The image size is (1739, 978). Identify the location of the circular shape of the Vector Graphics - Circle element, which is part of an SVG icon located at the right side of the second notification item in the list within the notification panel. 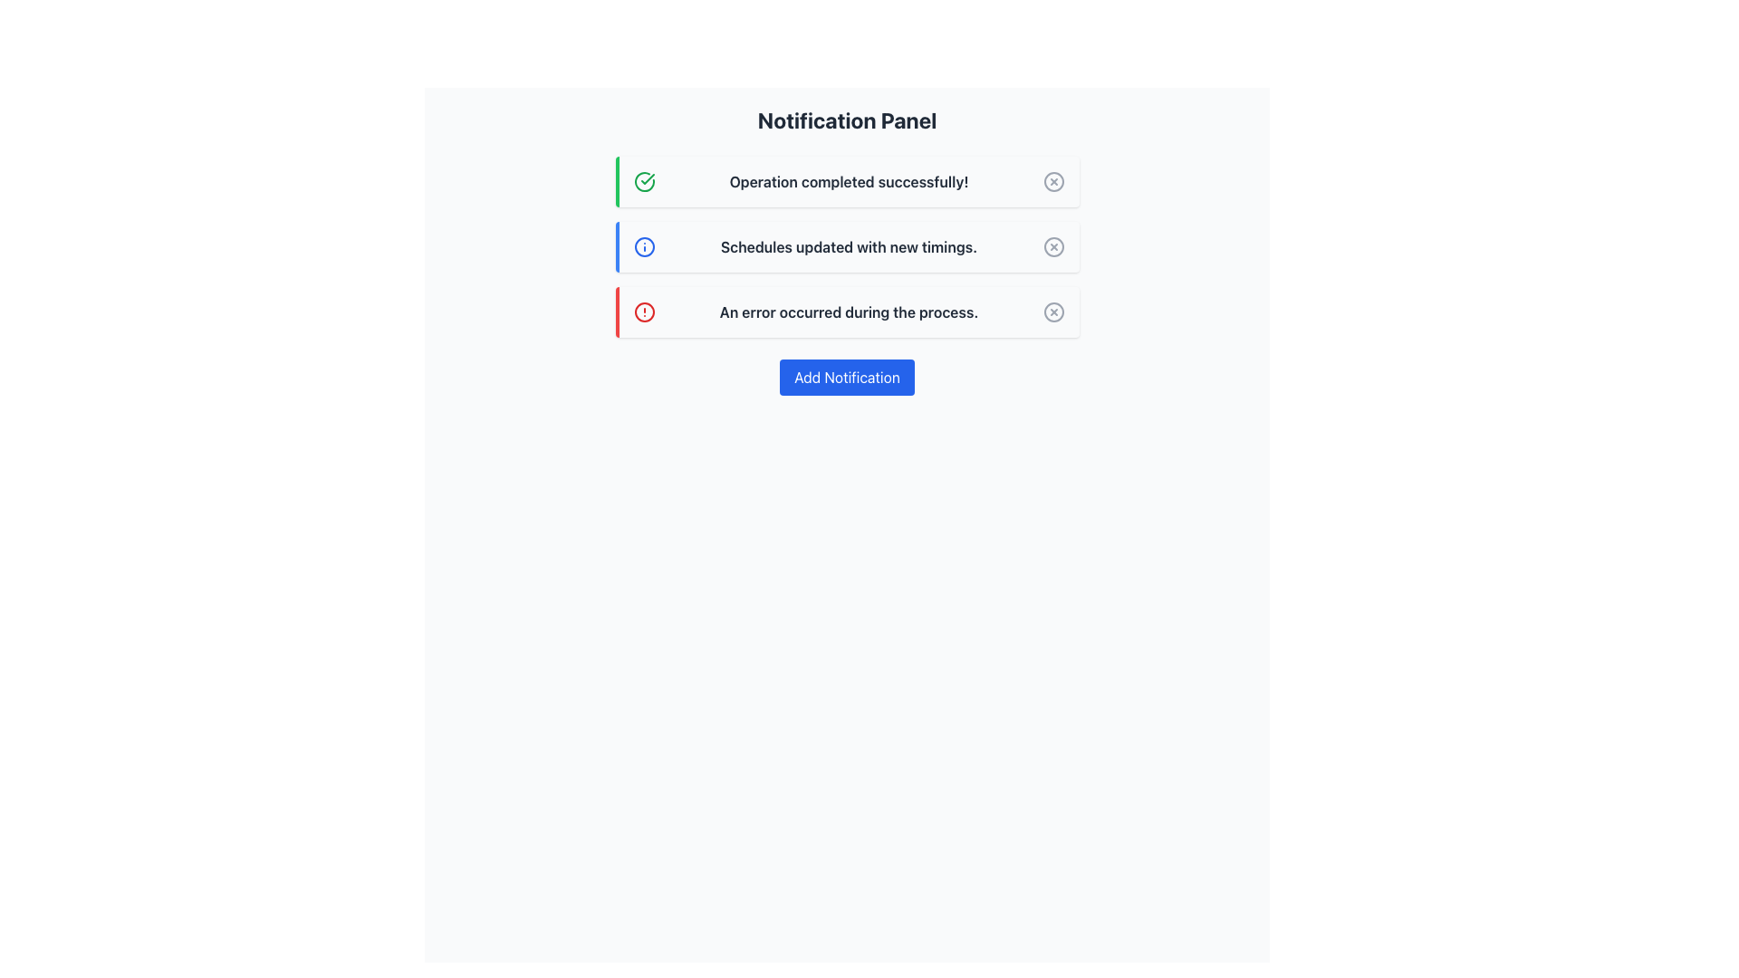
(1053, 247).